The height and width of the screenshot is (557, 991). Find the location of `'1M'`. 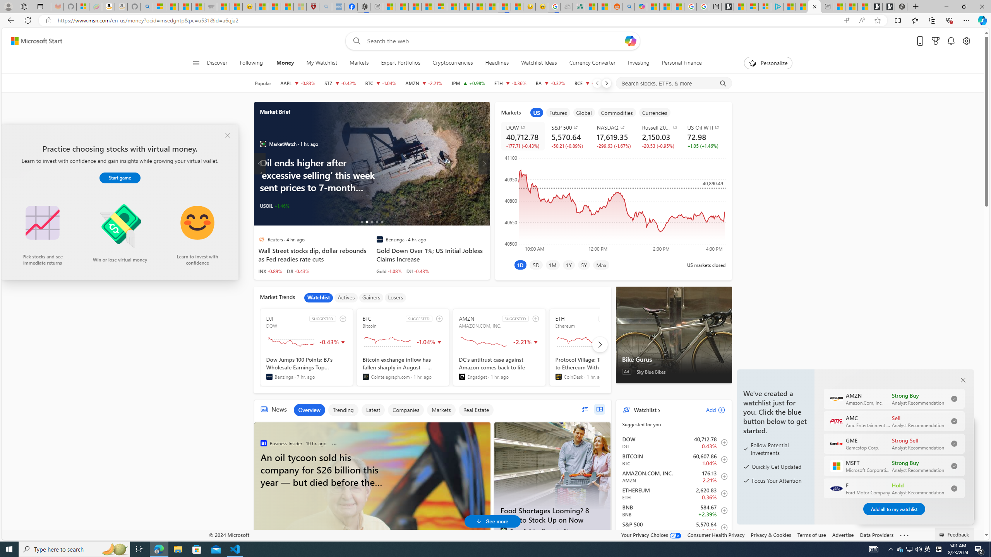

'1M' is located at coordinates (552, 264).